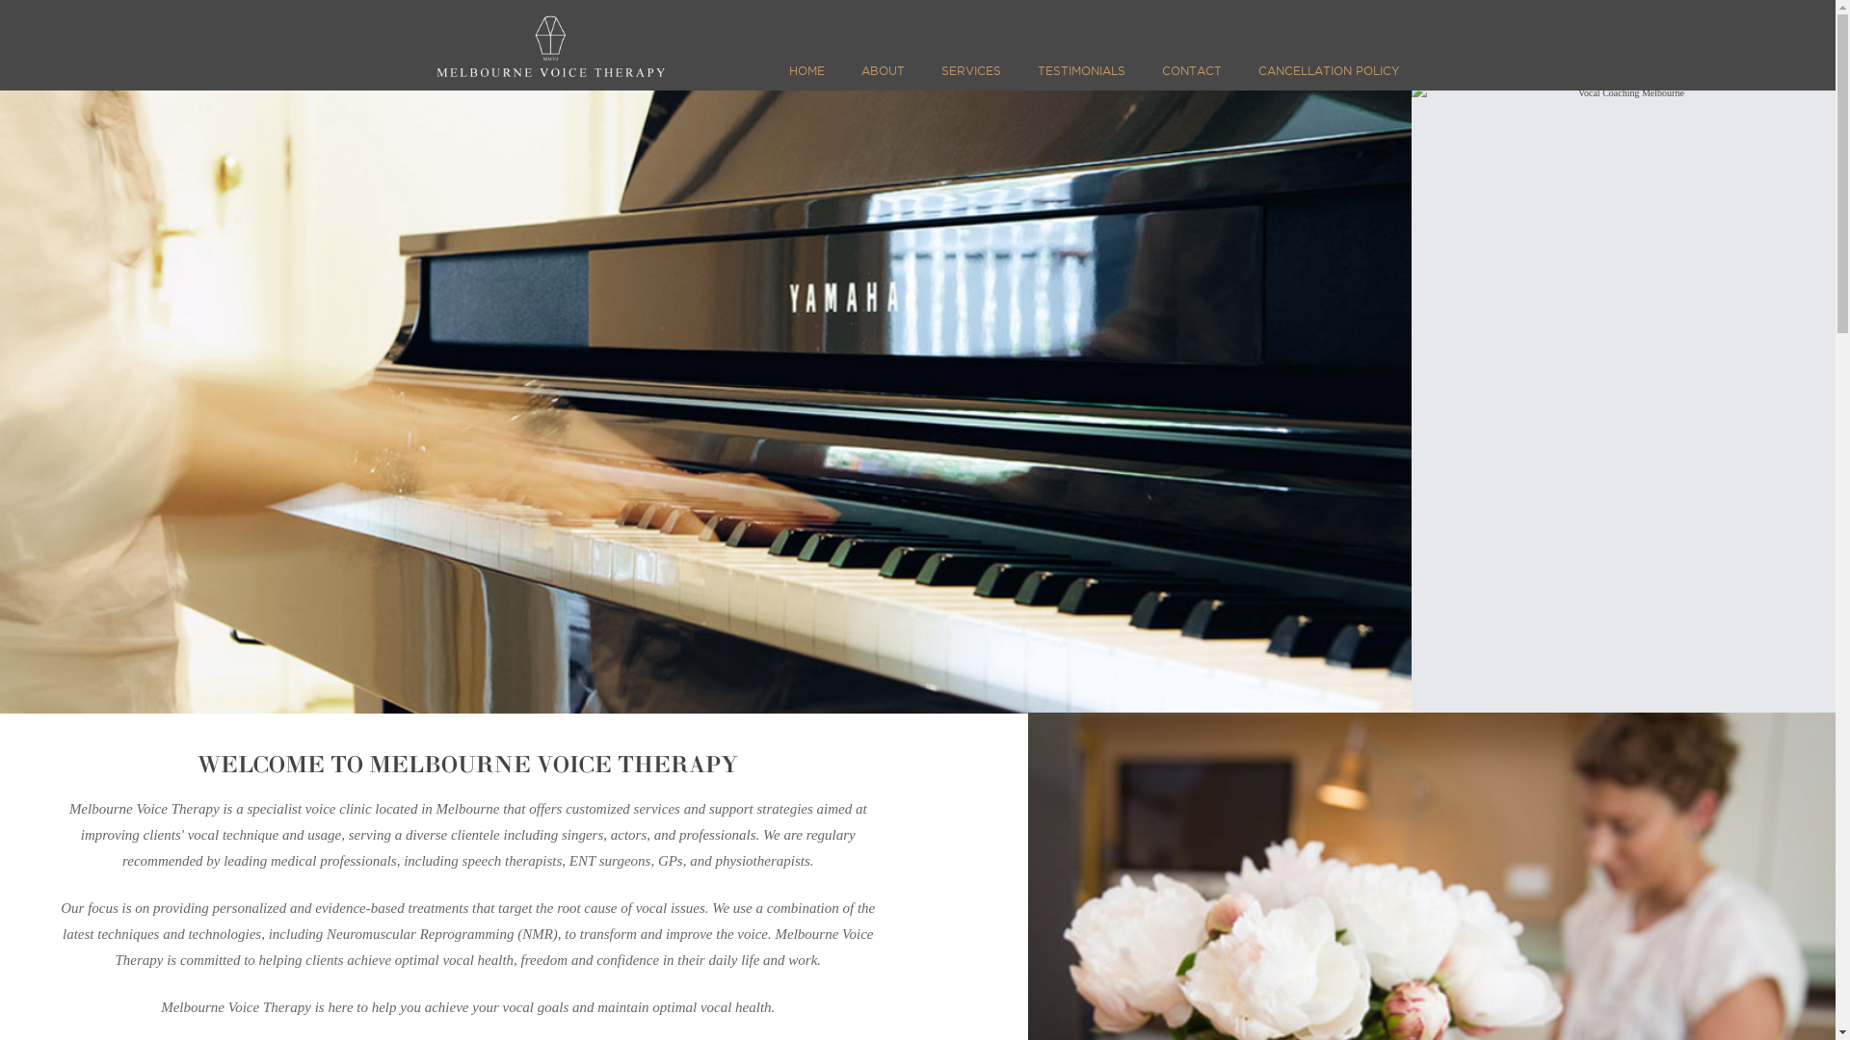  I want to click on 'CONTACT', so click(1191, 77).